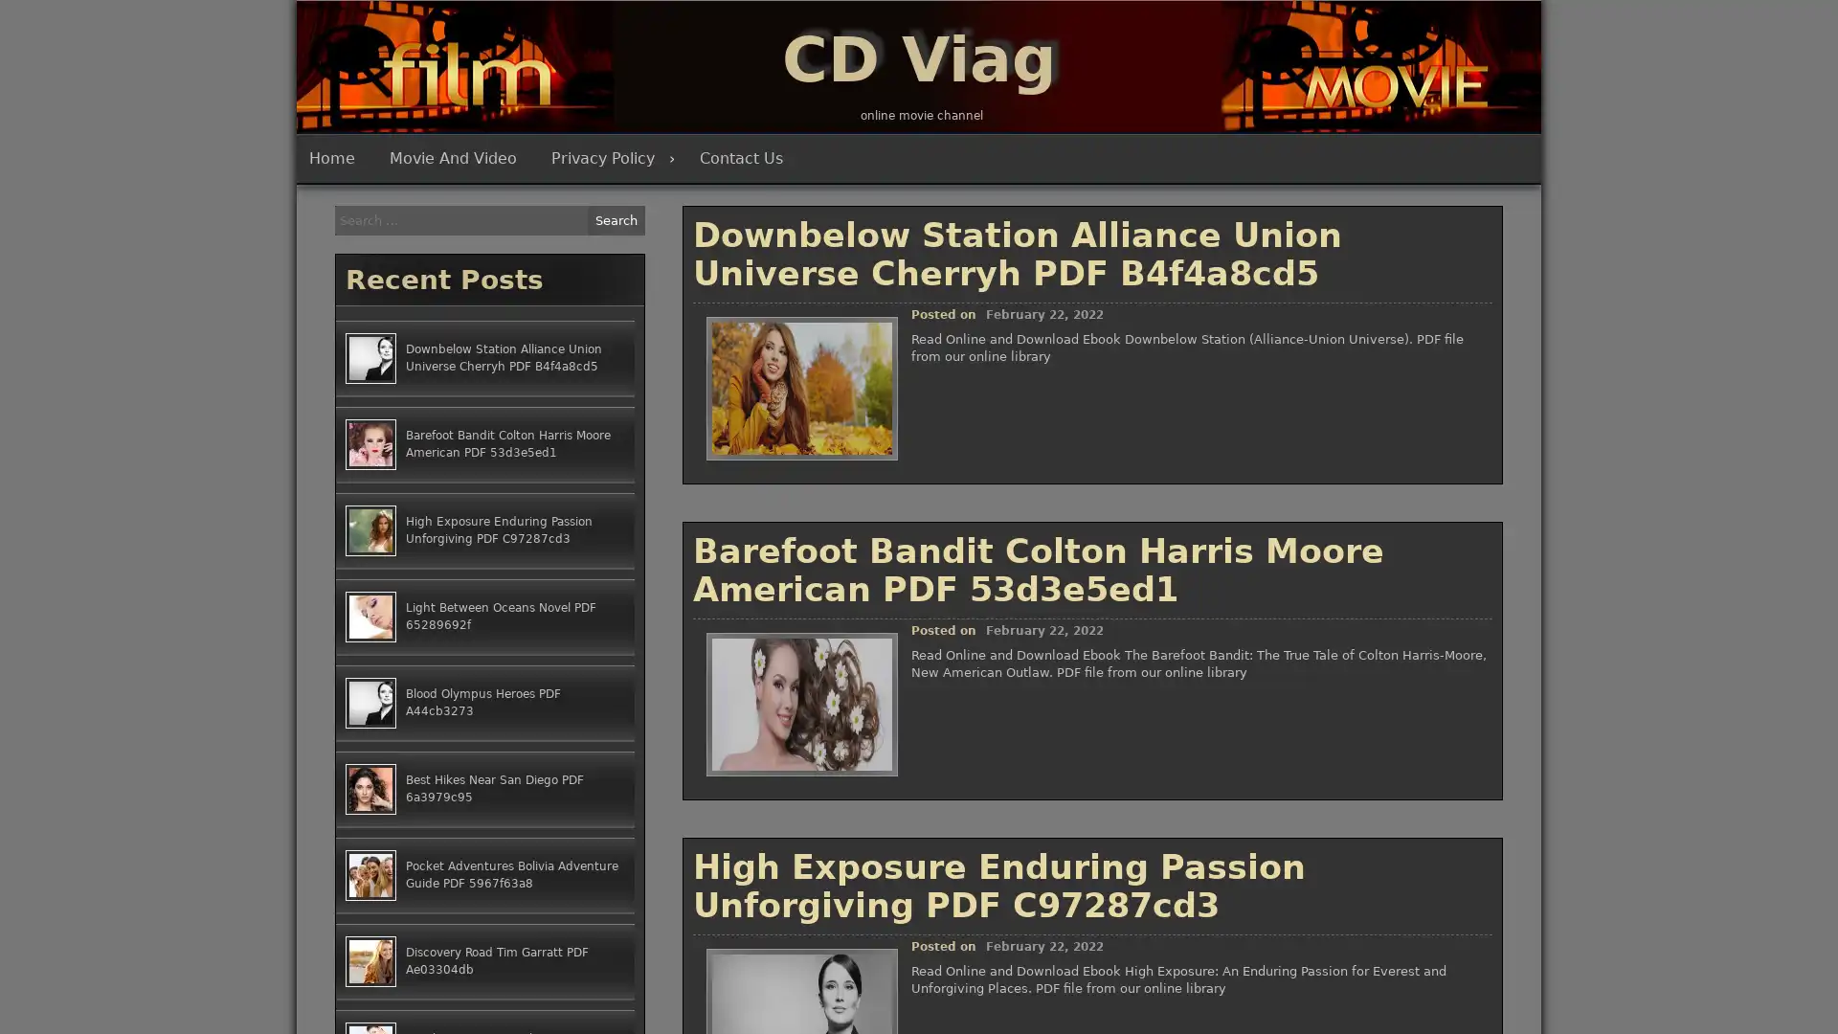 This screenshot has width=1838, height=1034. What do you see at coordinates (616, 219) in the screenshot?
I see `Search` at bounding box center [616, 219].